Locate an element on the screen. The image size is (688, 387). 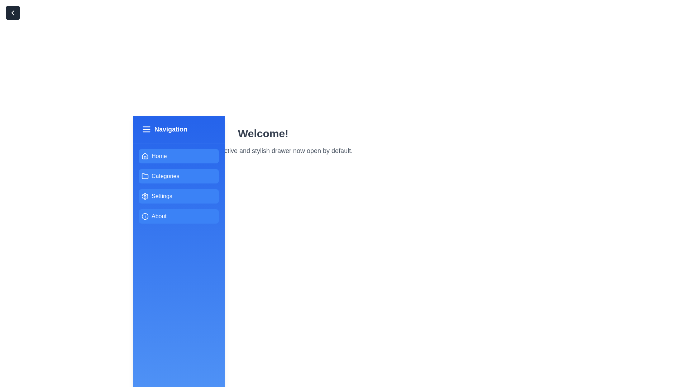
the gear icon representing settings, located beside the 'Settings' text in the navigation menu is located at coordinates (144, 196).